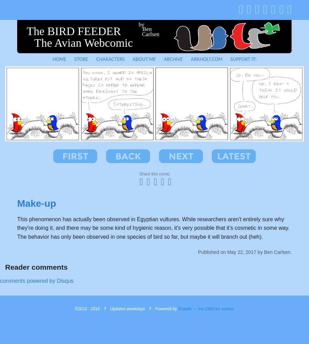 This screenshot has width=309, height=344. Describe the element at coordinates (65, 280) in the screenshot. I see `'Disqus'` at that location.